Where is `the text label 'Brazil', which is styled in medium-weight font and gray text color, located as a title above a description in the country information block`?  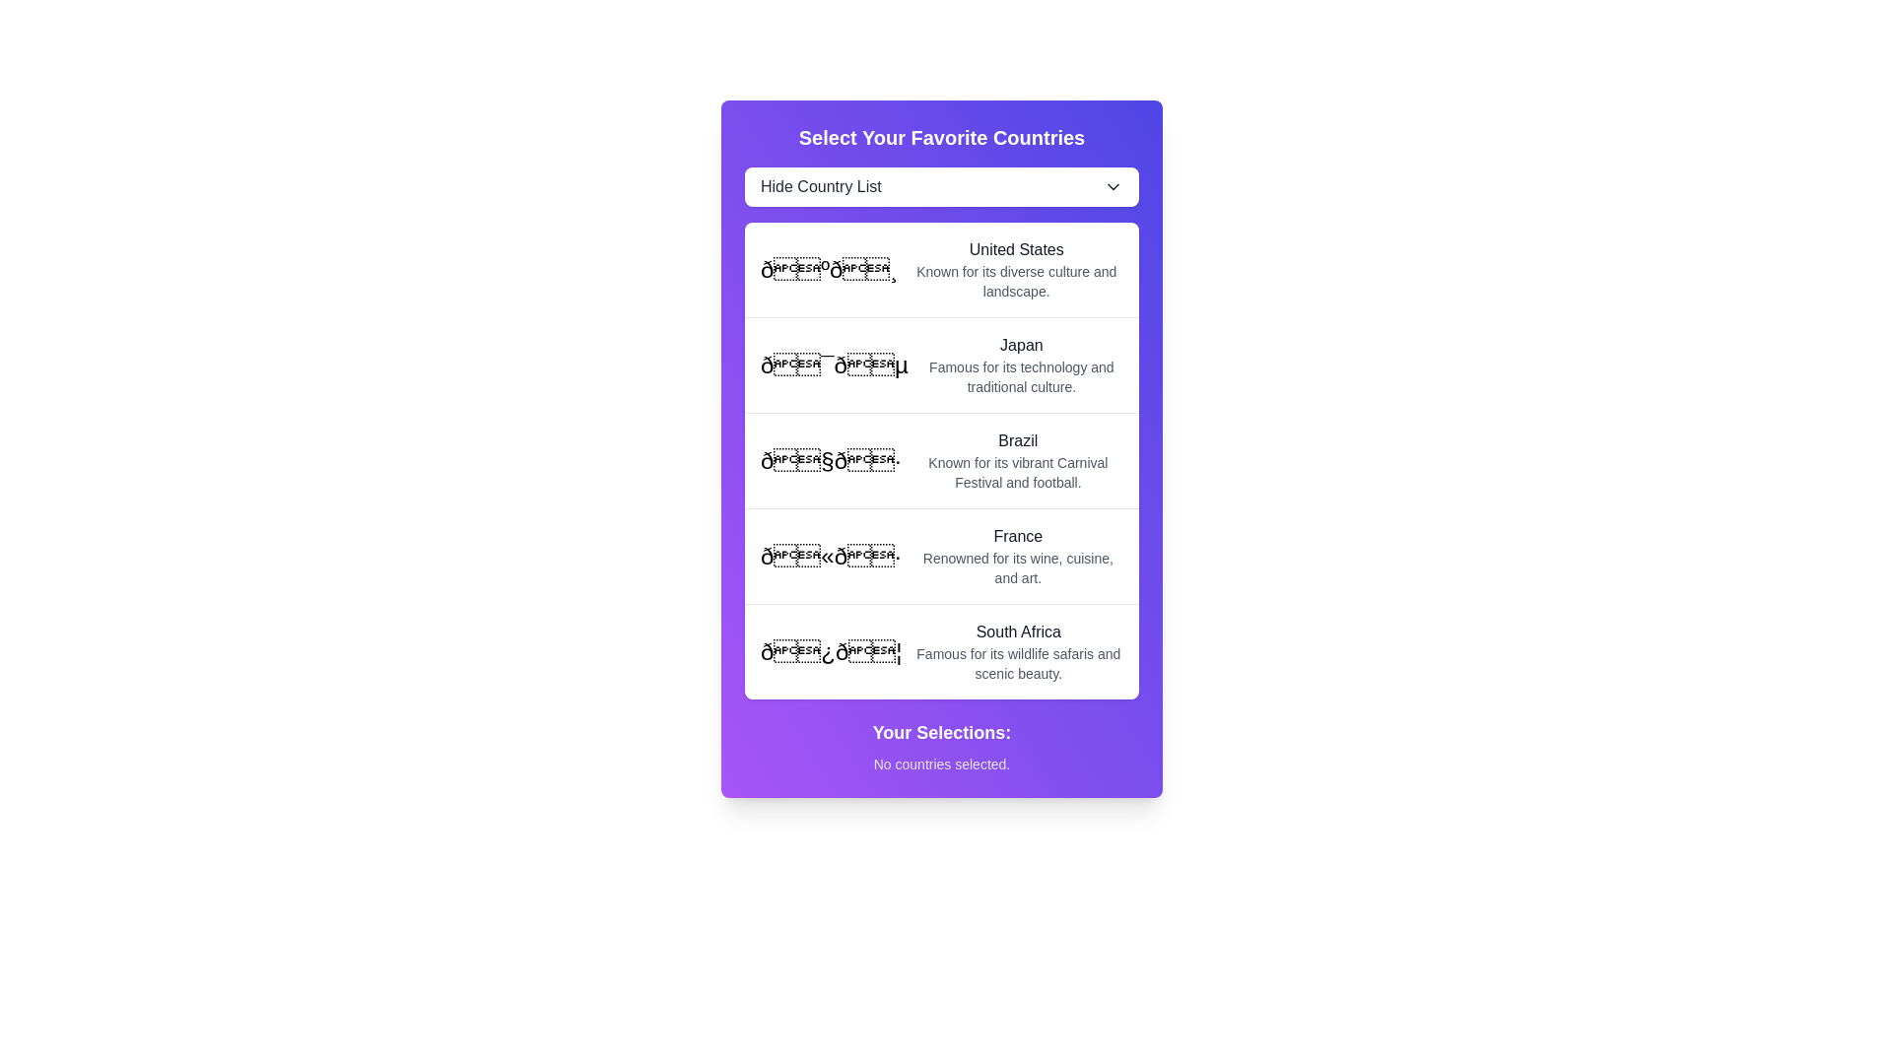 the text label 'Brazil', which is styled in medium-weight font and gray text color, located as a title above a description in the country information block is located at coordinates (1018, 439).